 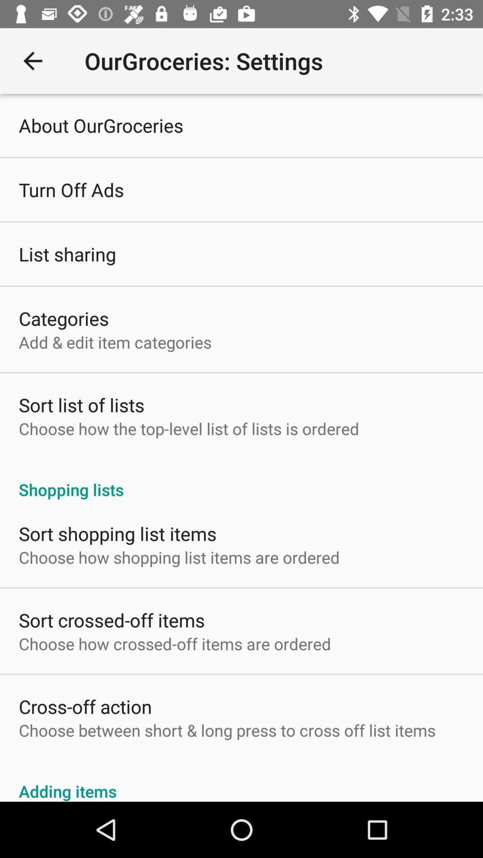 I want to click on adding items, so click(x=241, y=781).